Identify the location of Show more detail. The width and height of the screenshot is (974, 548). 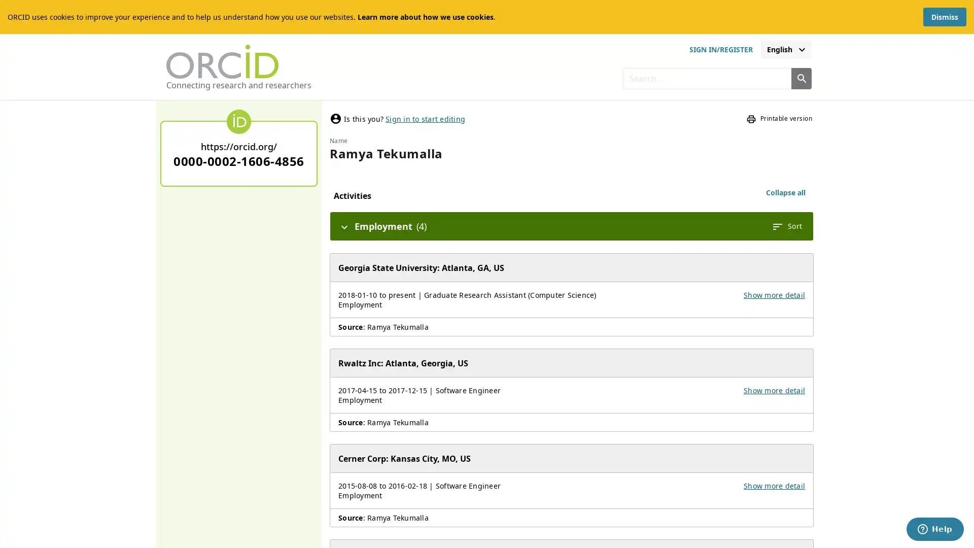
(774, 390).